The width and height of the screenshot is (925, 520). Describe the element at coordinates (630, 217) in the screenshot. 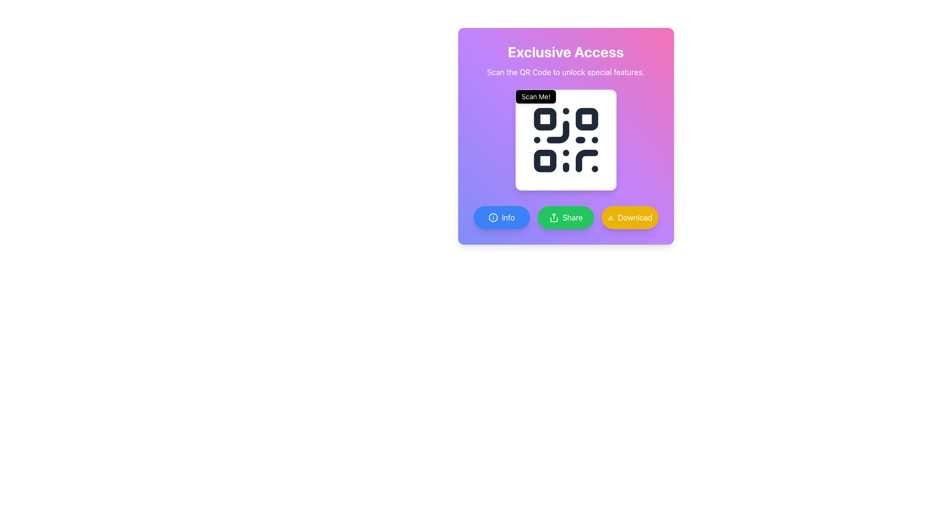

I see `the third button from the left at the bottom-right corner of the colored card containing a QR code and text to initiate the download process` at that location.